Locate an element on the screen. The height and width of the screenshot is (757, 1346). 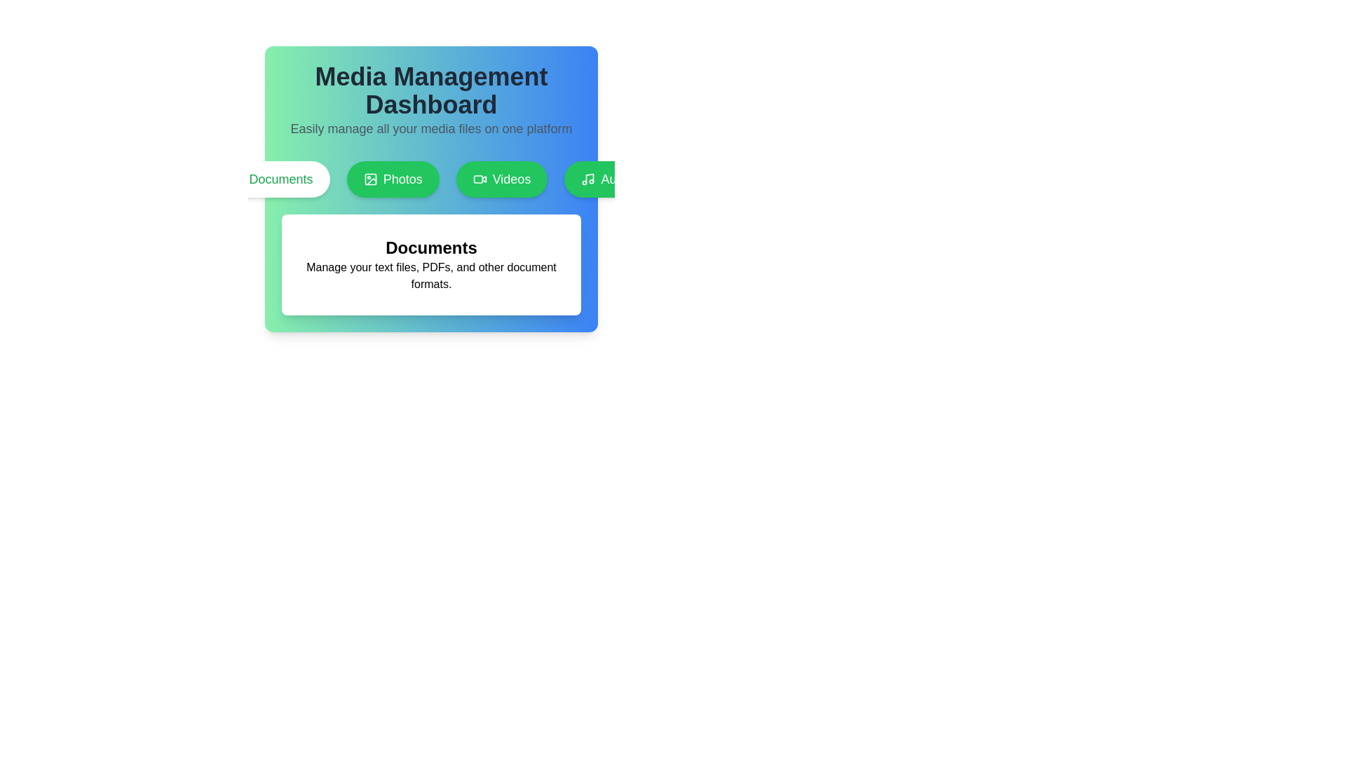
the informational card that describes the 'Documents' media category, located below the category buttons in the 'Media Management Dashboard' is located at coordinates (430, 265).